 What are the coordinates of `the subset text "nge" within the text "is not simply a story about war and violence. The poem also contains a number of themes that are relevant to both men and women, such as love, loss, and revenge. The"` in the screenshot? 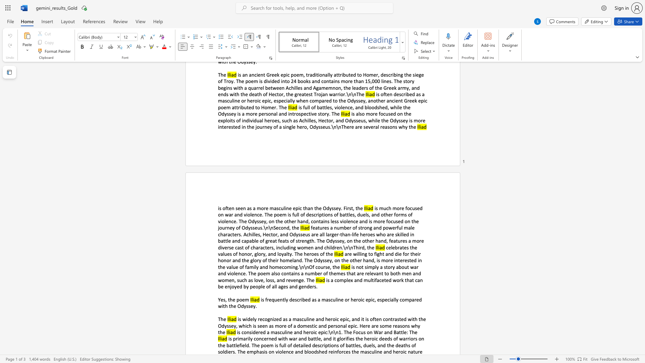 It's located at (296, 280).